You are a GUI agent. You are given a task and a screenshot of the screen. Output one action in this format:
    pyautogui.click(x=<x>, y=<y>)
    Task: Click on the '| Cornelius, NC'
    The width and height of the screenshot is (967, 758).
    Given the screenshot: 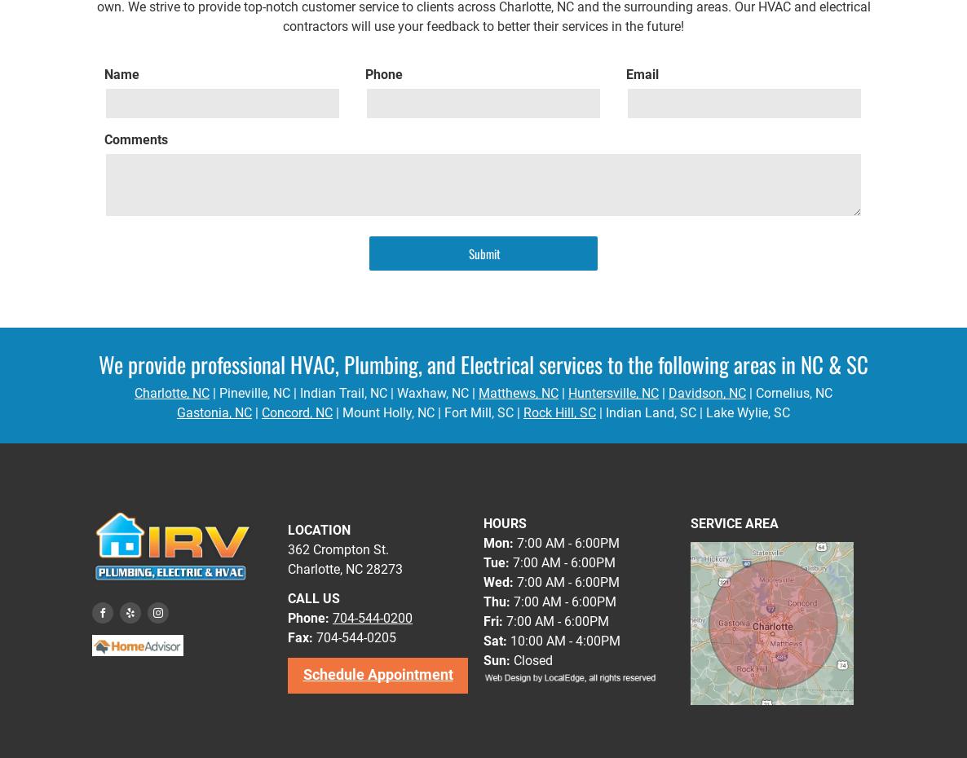 What is the action you would take?
    pyautogui.click(x=745, y=392)
    